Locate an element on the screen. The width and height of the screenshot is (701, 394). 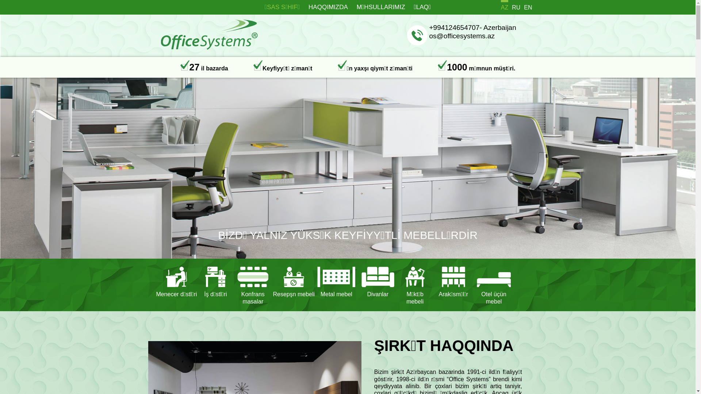
'Konfrans masalar' is located at coordinates (253, 284).